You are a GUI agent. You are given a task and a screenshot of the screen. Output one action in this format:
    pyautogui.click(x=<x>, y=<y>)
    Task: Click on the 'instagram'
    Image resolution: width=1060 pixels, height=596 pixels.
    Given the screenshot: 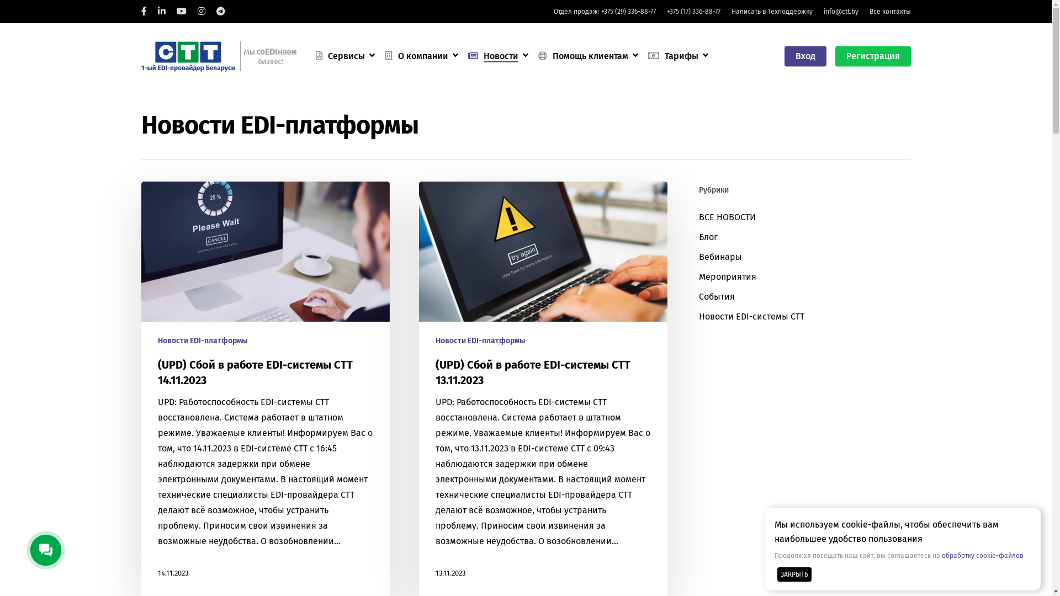 What is the action you would take?
    pyautogui.click(x=201, y=11)
    